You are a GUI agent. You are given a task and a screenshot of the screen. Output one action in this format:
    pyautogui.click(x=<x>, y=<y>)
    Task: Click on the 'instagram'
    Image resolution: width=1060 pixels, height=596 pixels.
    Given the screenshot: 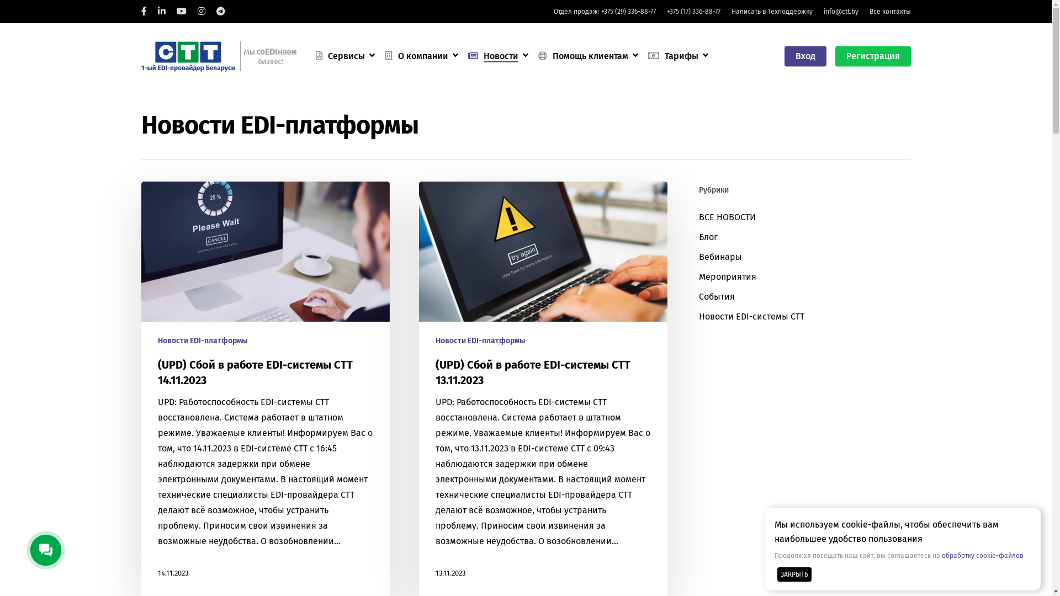 What is the action you would take?
    pyautogui.click(x=201, y=11)
    